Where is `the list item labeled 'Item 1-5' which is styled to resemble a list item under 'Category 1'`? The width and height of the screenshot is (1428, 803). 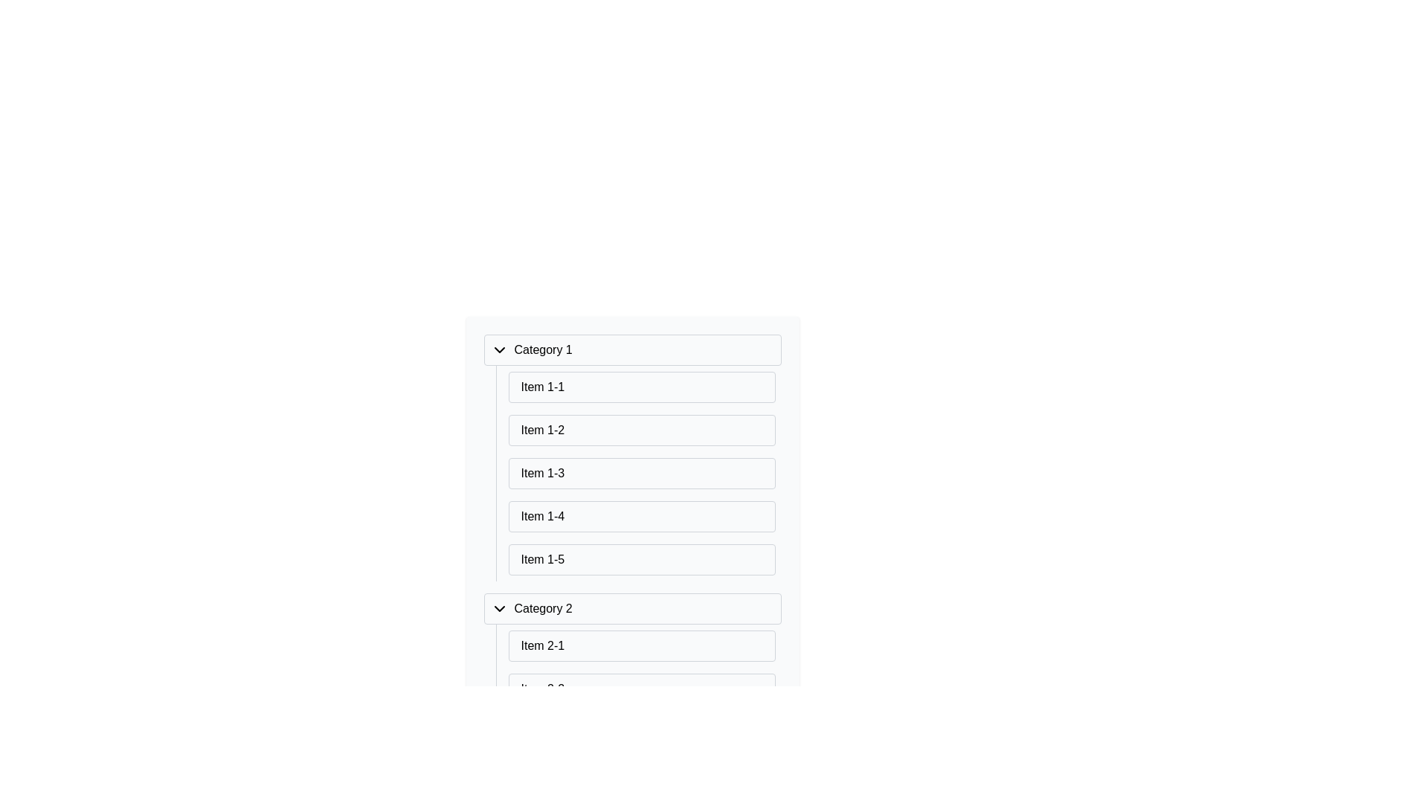
the list item labeled 'Item 1-5' which is styled to resemble a list item under 'Category 1' is located at coordinates (642, 559).